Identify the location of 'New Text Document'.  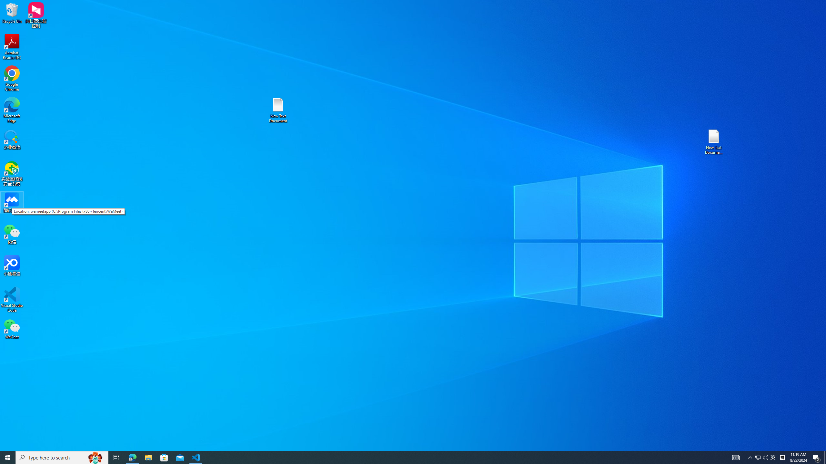
(277, 110).